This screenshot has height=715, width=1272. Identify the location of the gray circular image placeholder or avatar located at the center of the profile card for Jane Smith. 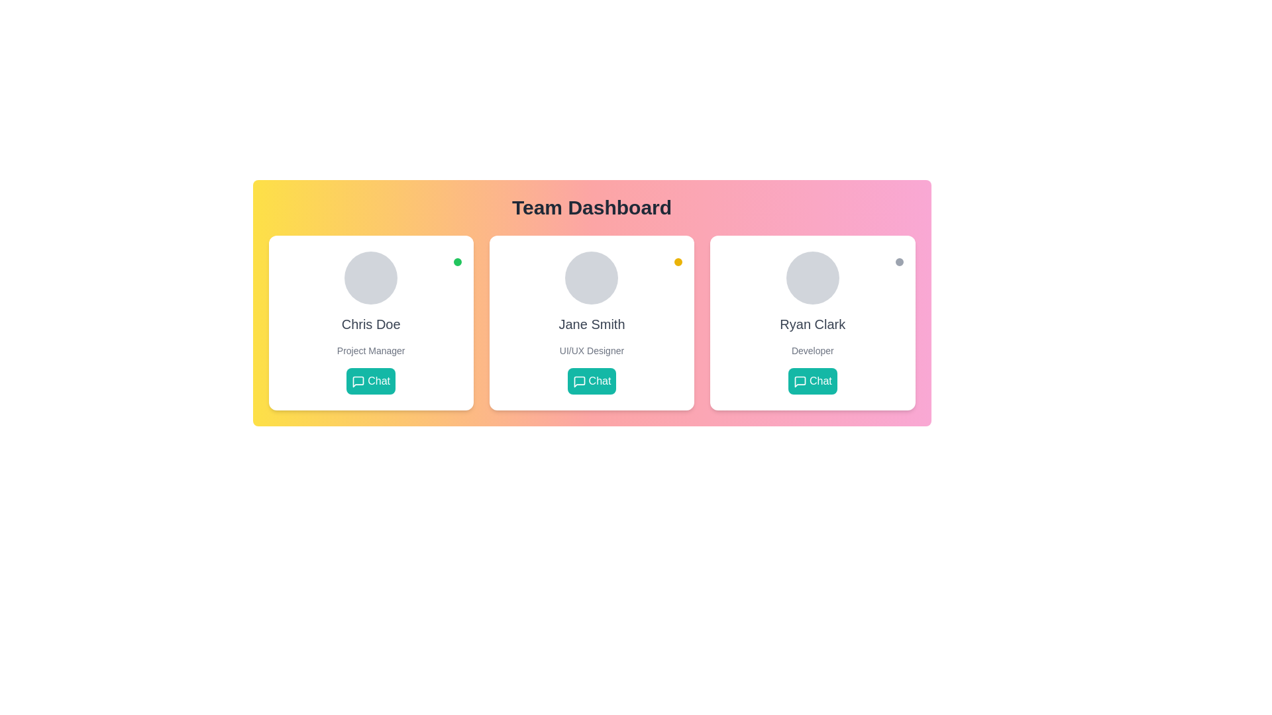
(591, 277).